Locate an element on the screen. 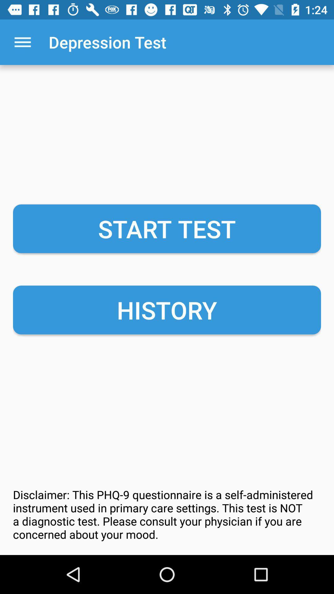 The width and height of the screenshot is (334, 594). icon to the left of the depression test item is located at coordinates (22, 42).